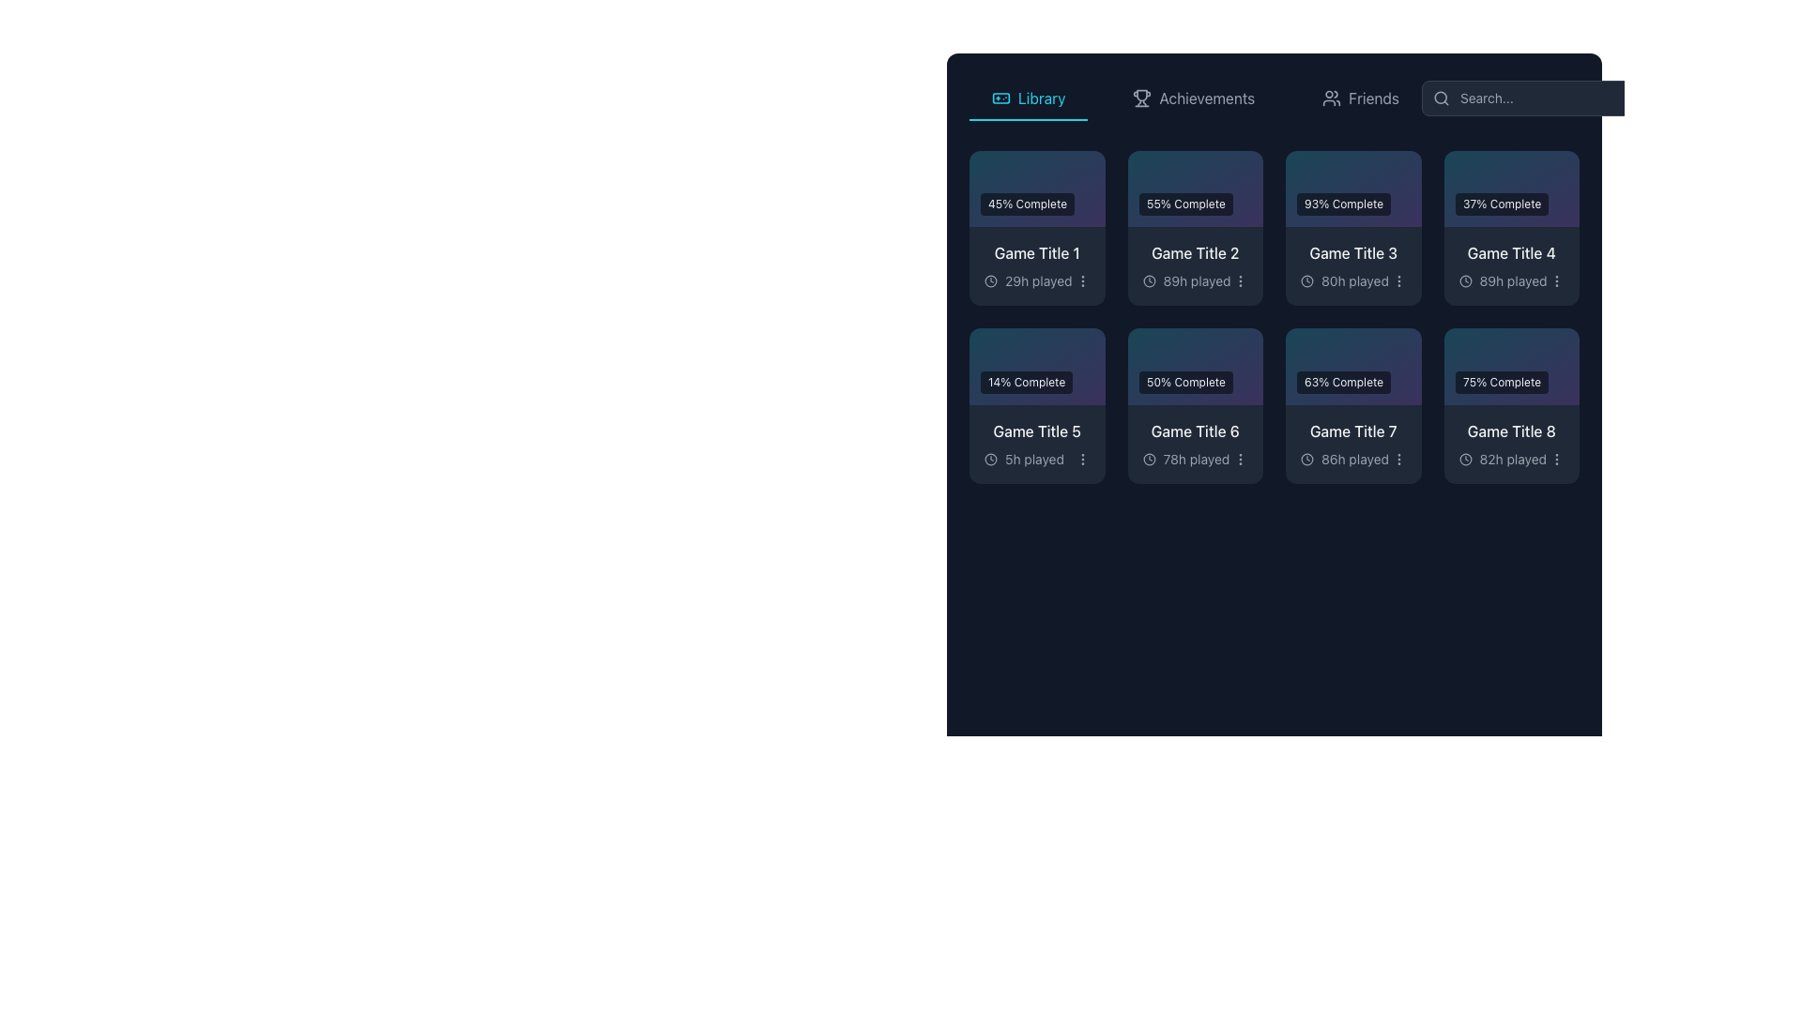  What do you see at coordinates (990, 281) in the screenshot?
I see `the time played icon located at the start of the '29h played' label on the card titled 'Game Title 1'` at bounding box center [990, 281].